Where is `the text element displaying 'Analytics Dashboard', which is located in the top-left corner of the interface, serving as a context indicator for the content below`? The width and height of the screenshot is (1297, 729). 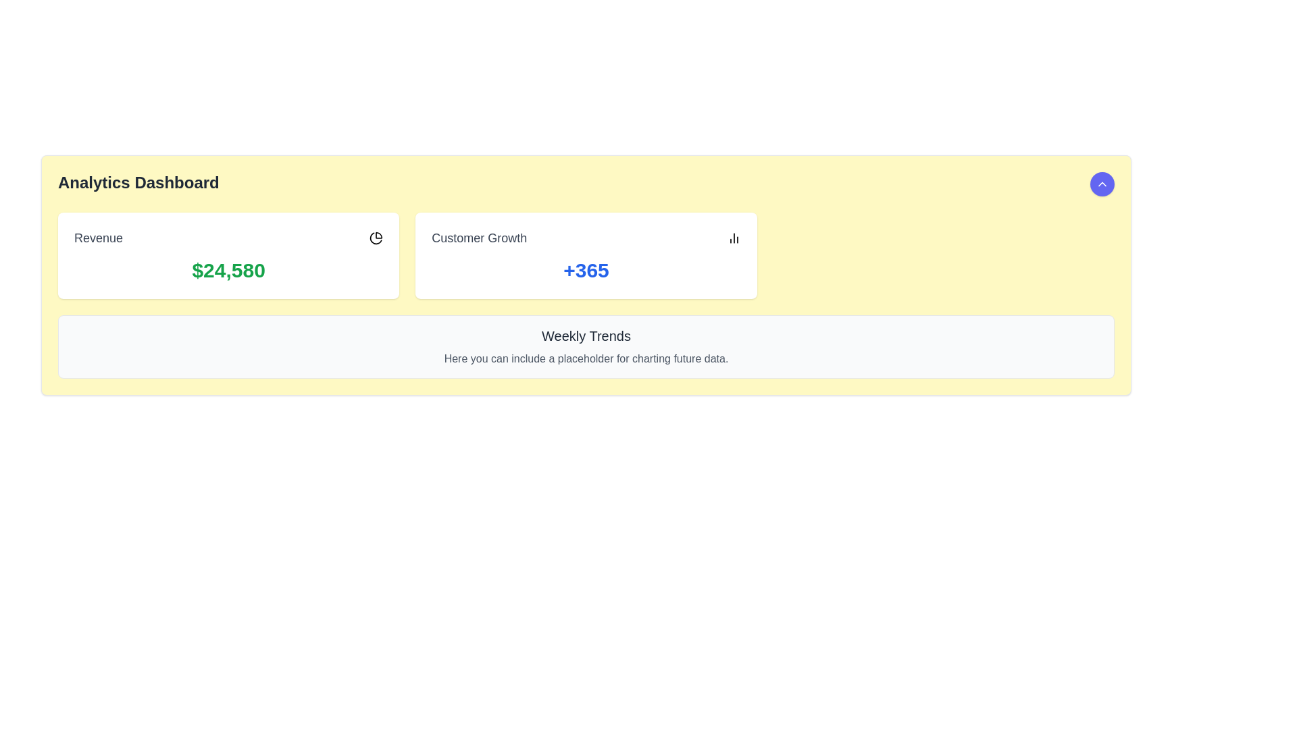 the text element displaying 'Analytics Dashboard', which is located in the top-left corner of the interface, serving as a context indicator for the content below is located at coordinates (138, 184).